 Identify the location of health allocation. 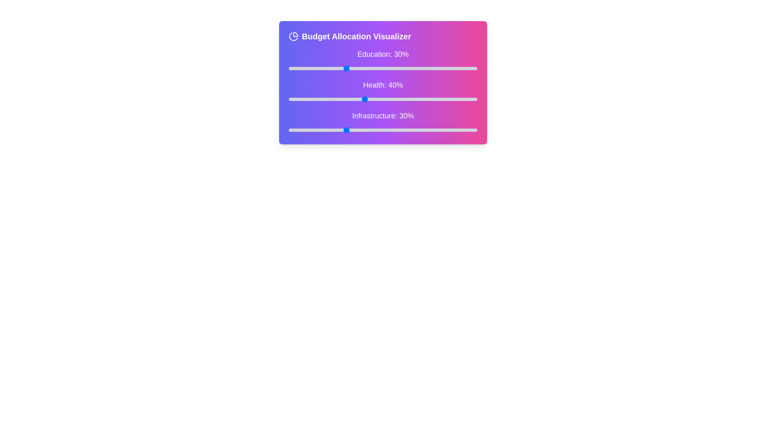
(402, 99).